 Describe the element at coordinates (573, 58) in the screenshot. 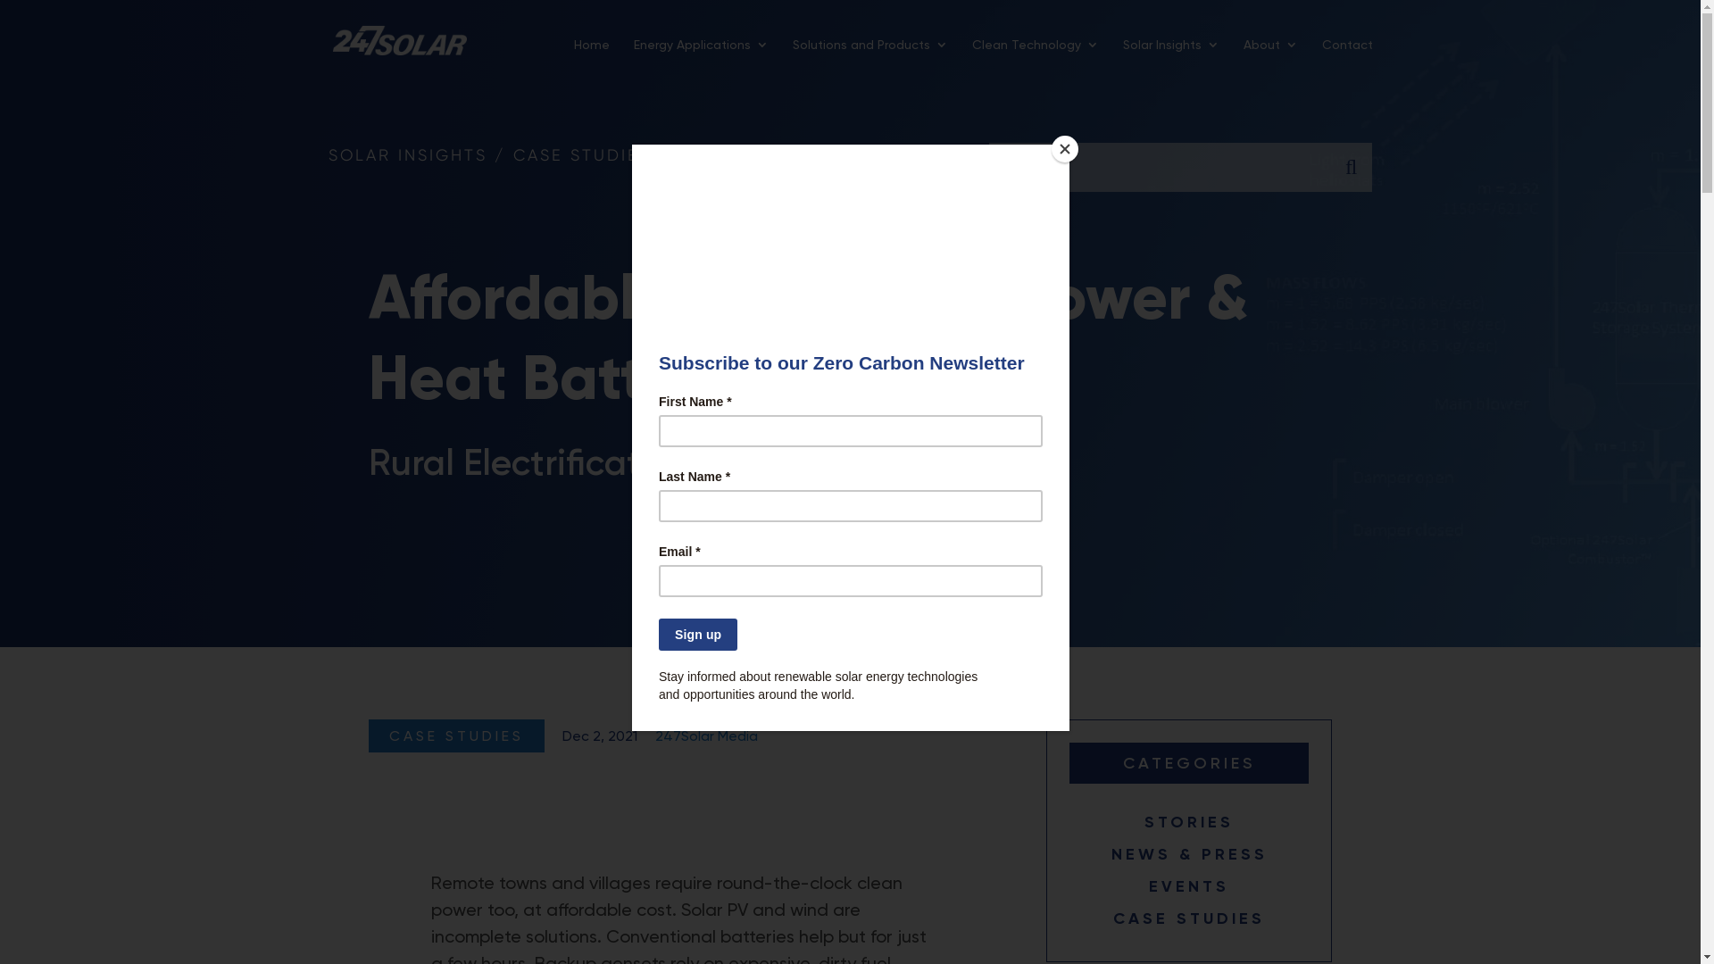

I see `'Home'` at that location.